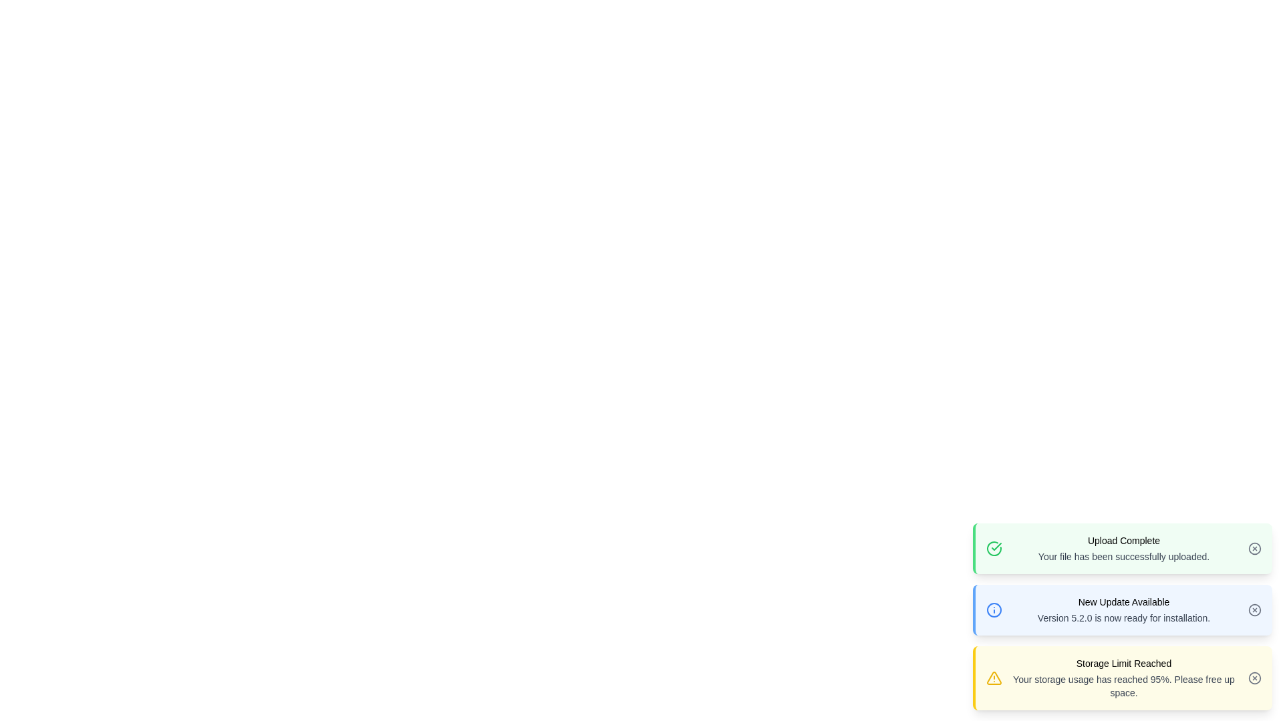  Describe the element at coordinates (1123, 618) in the screenshot. I see `the static text element located in the lower section of the notification box titled 'New Update Available', which provides information about an available update` at that location.